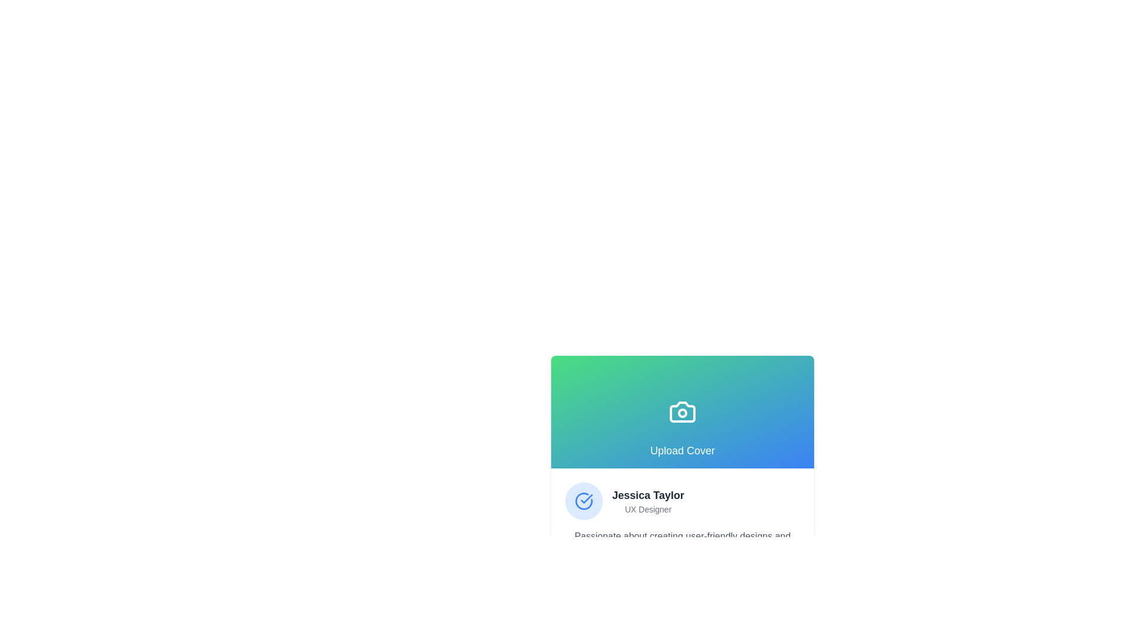  Describe the element at coordinates (682, 539) in the screenshot. I see `displayed information from the Profile Card Section located within a white card at the bottom half of the component, directly under the gradient section with the camera icon labeled 'Upload Cover'` at that location.